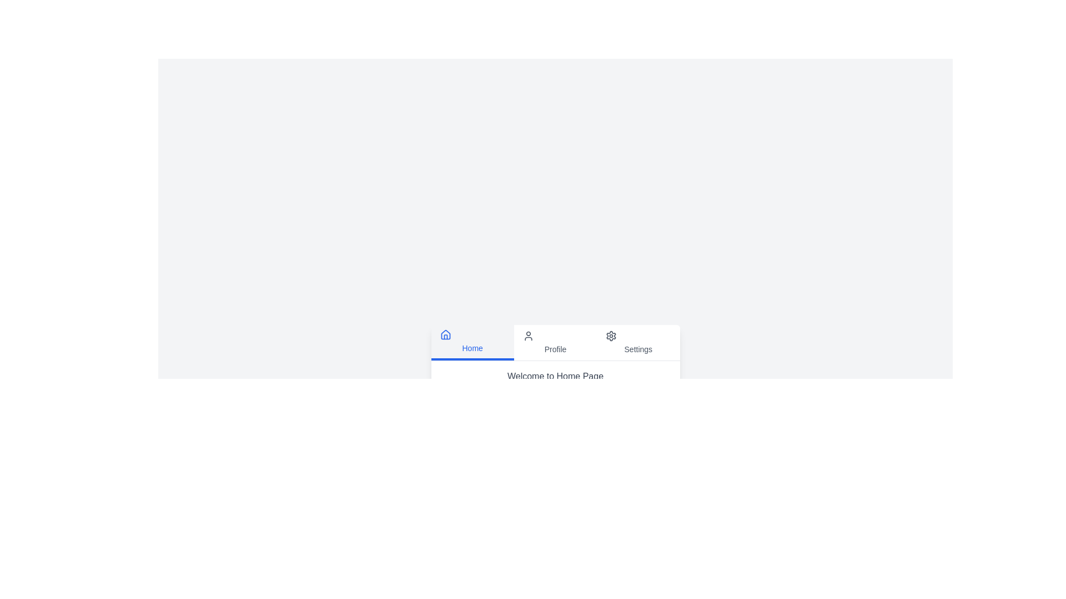  Describe the element at coordinates (637, 342) in the screenshot. I see `the Settings tab to switch to its view` at that location.